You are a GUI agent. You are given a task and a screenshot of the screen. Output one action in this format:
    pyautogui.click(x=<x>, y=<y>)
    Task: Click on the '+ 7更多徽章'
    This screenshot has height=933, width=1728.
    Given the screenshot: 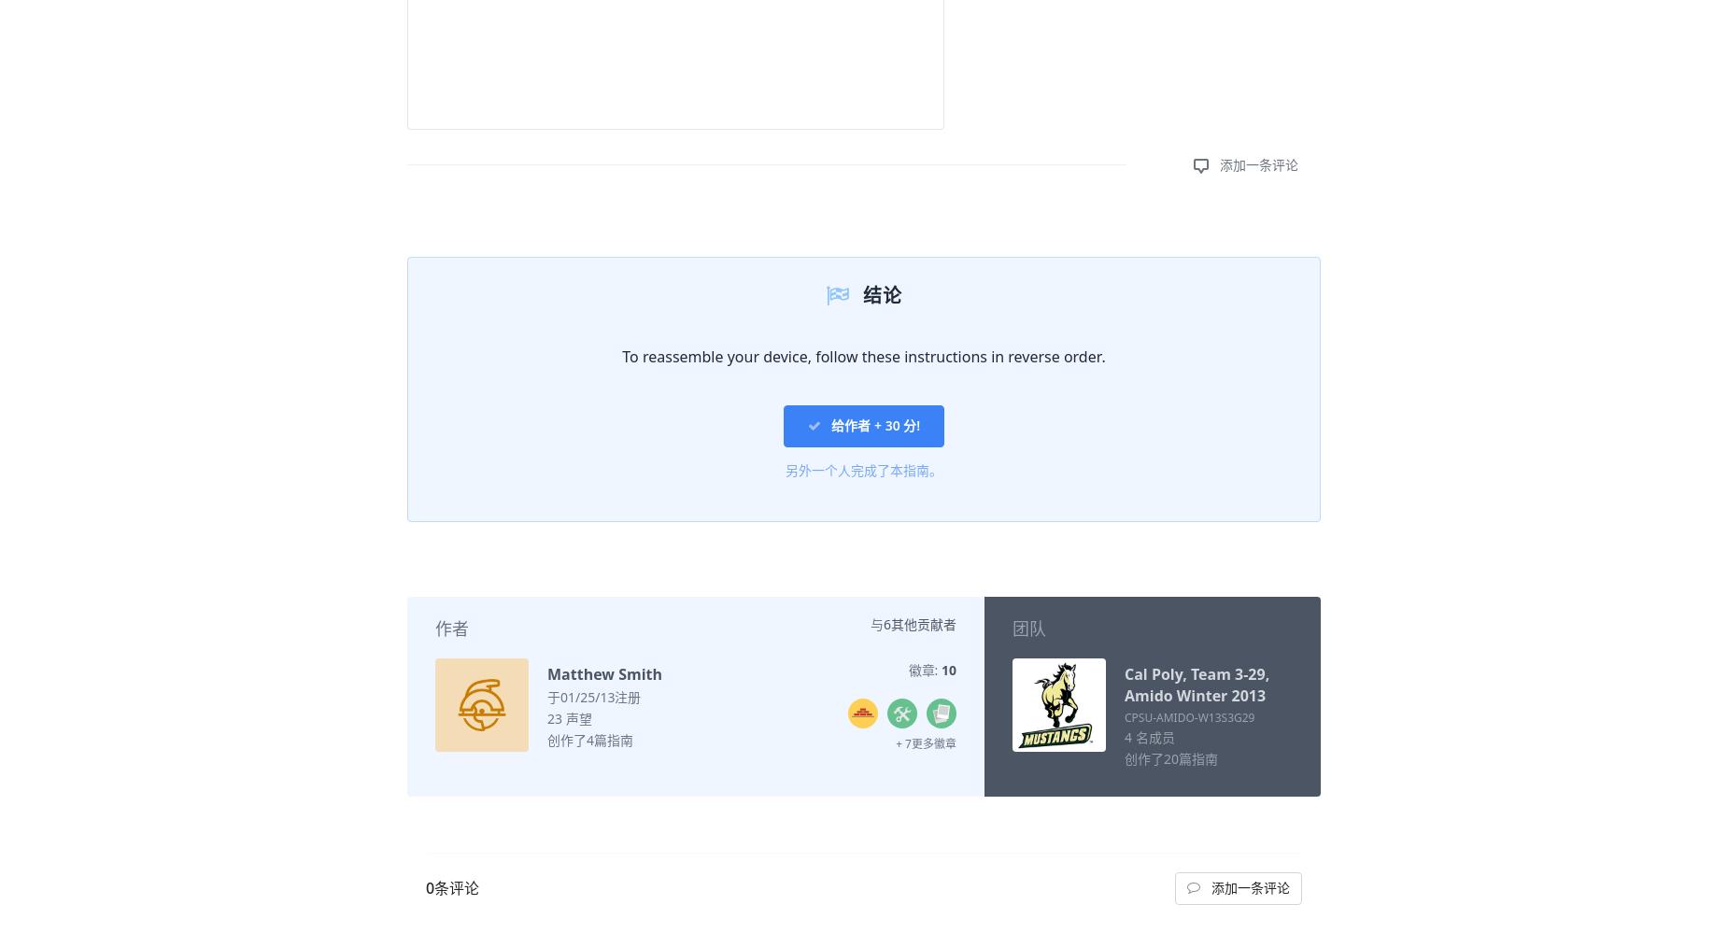 What is the action you would take?
    pyautogui.click(x=925, y=742)
    